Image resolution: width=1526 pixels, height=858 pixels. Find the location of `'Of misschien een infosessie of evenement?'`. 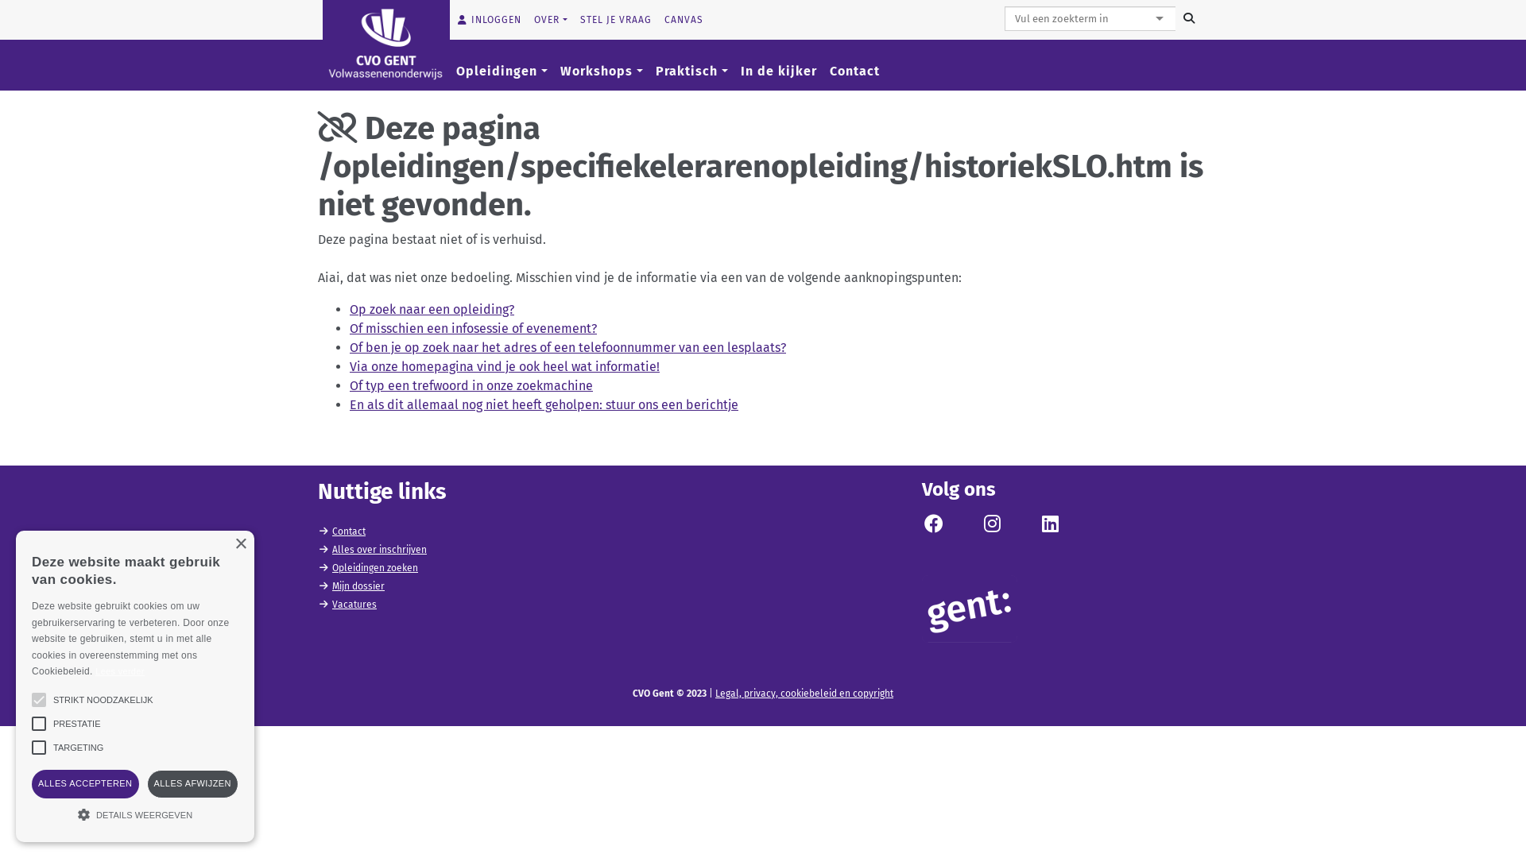

'Of misschien een infosessie of evenement?' is located at coordinates (472, 327).